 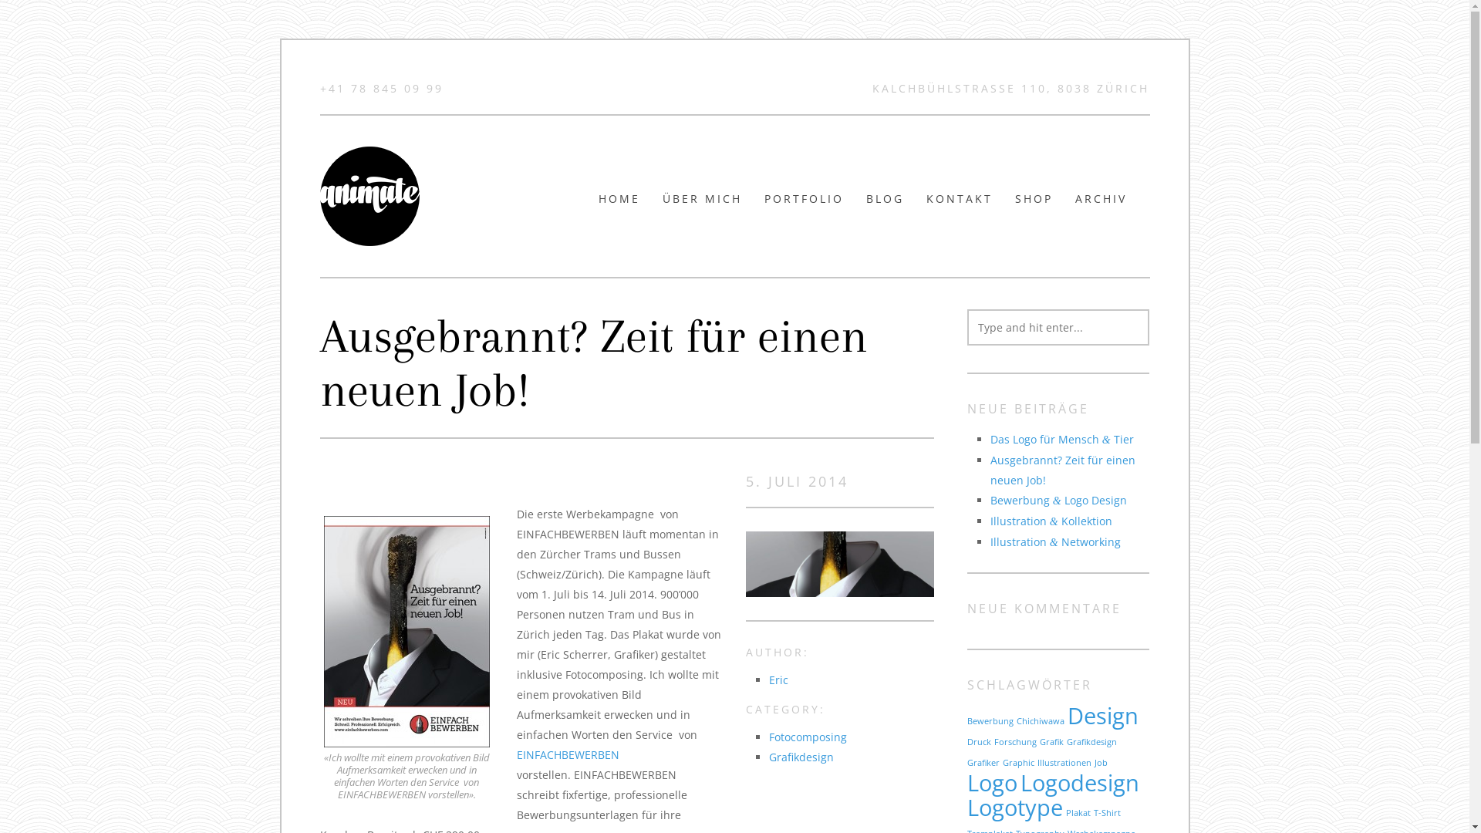 What do you see at coordinates (1102, 716) in the screenshot?
I see `'Design'` at bounding box center [1102, 716].